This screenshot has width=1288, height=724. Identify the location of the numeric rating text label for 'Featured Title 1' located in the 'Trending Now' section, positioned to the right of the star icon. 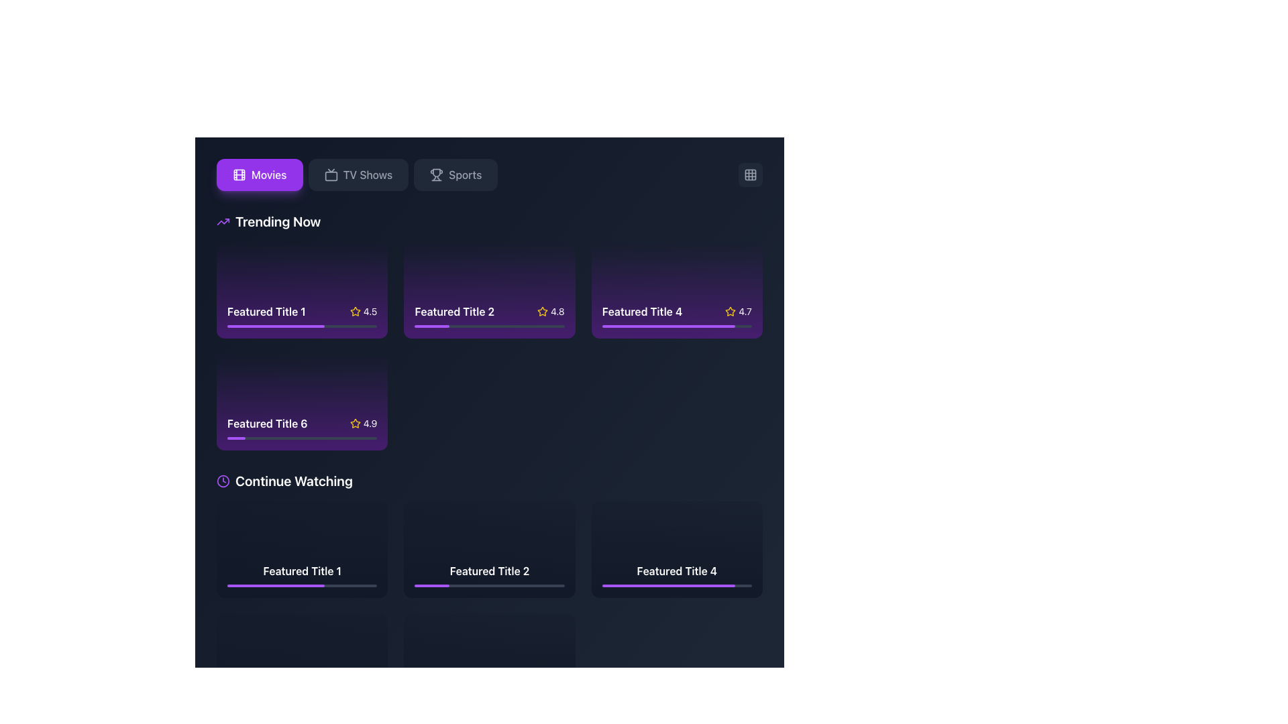
(370, 311).